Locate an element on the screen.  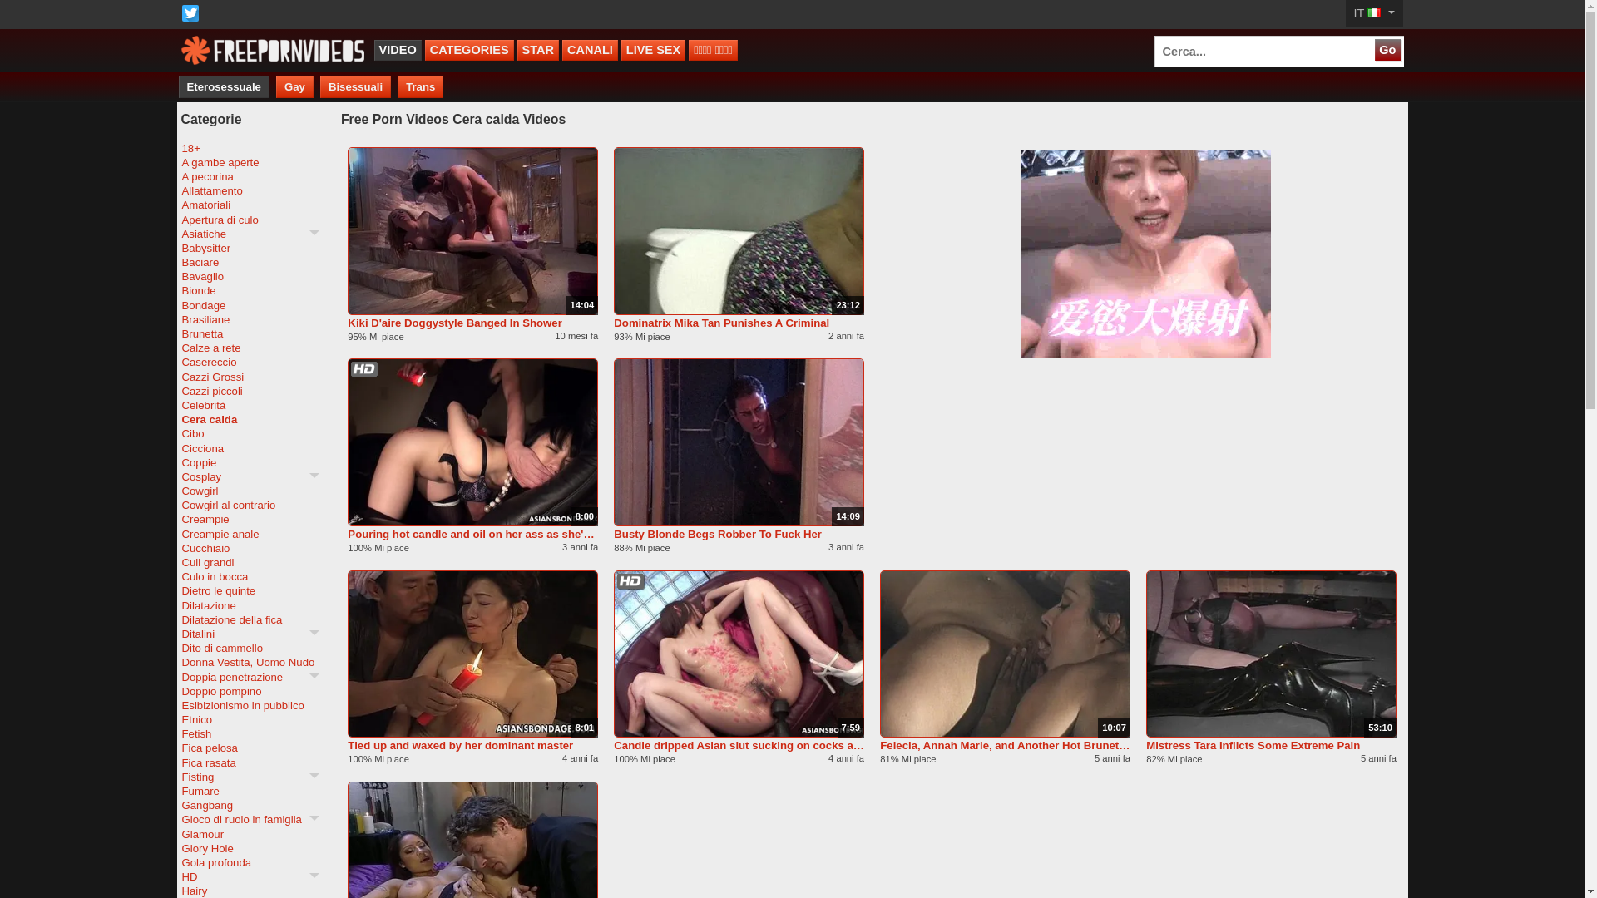
'Cucchiaio' is located at coordinates (250, 548).